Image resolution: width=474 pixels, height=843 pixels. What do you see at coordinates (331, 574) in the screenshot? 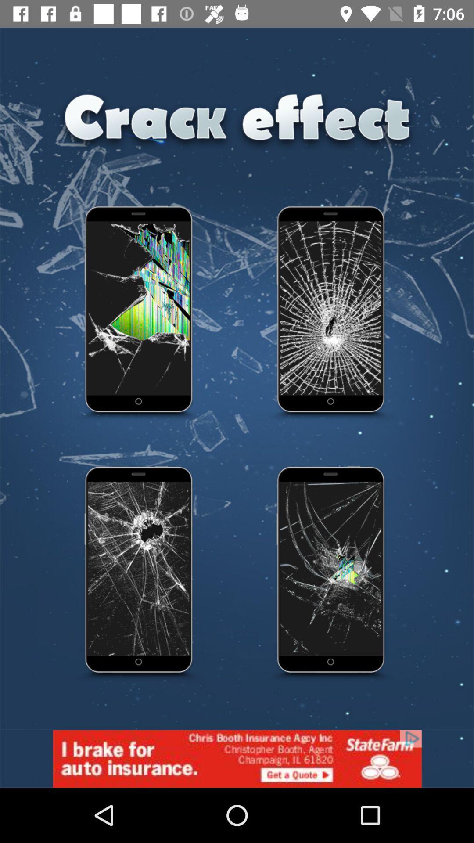
I see `it` at bounding box center [331, 574].